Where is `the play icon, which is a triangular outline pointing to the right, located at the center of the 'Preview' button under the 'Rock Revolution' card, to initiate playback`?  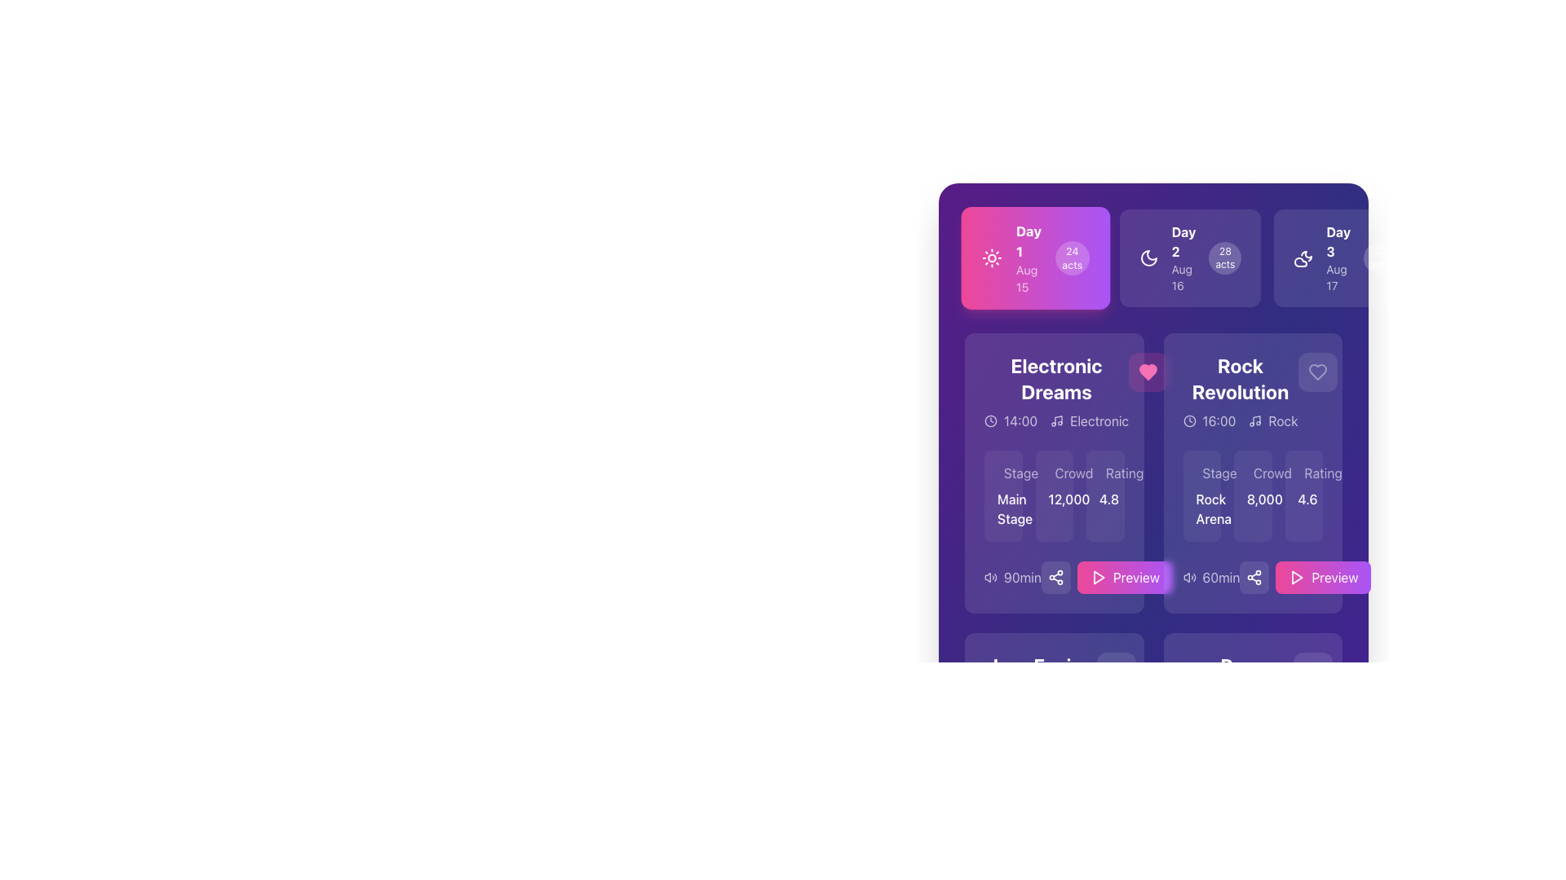 the play icon, which is a triangular outline pointing to the right, located at the center of the 'Preview' button under the 'Rock Revolution' card, to initiate playback is located at coordinates (1296, 577).